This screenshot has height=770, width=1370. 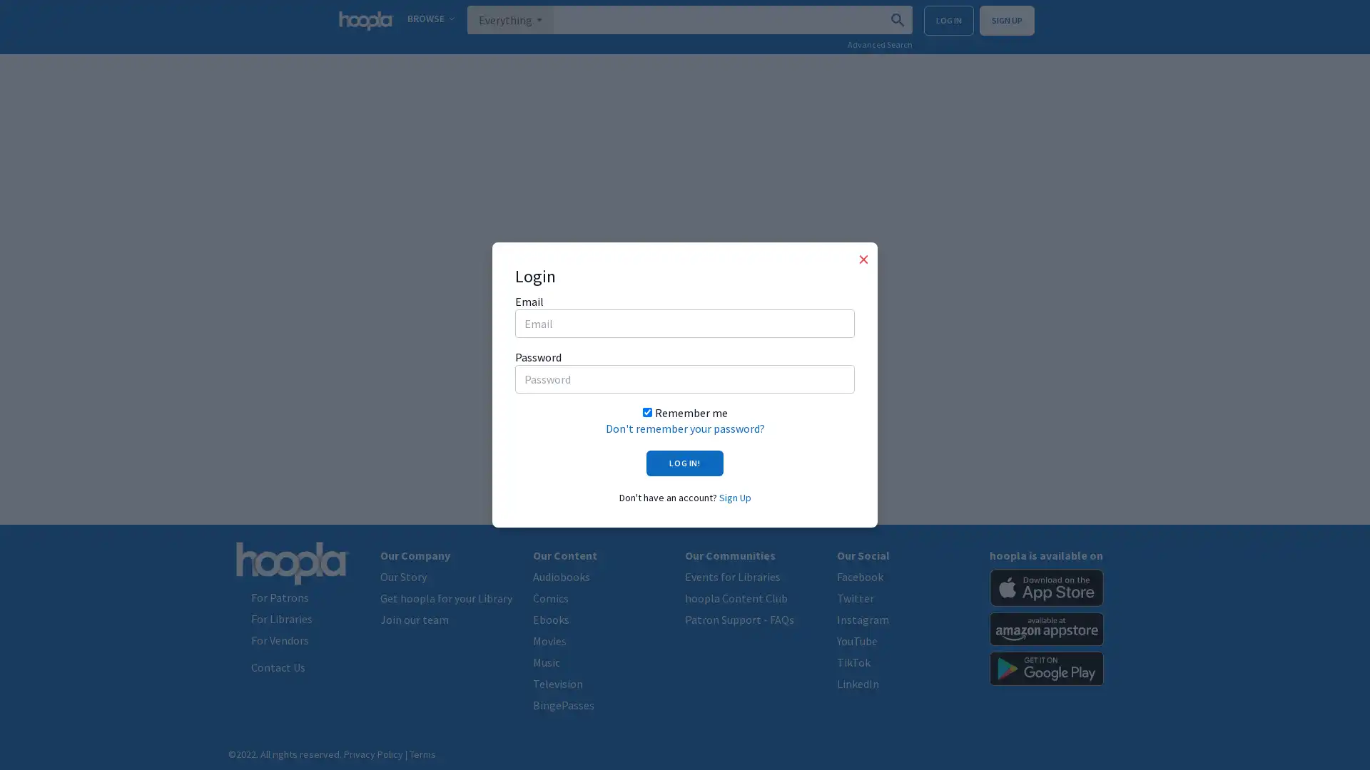 I want to click on Don't remember your password?, so click(x=684, y=428).